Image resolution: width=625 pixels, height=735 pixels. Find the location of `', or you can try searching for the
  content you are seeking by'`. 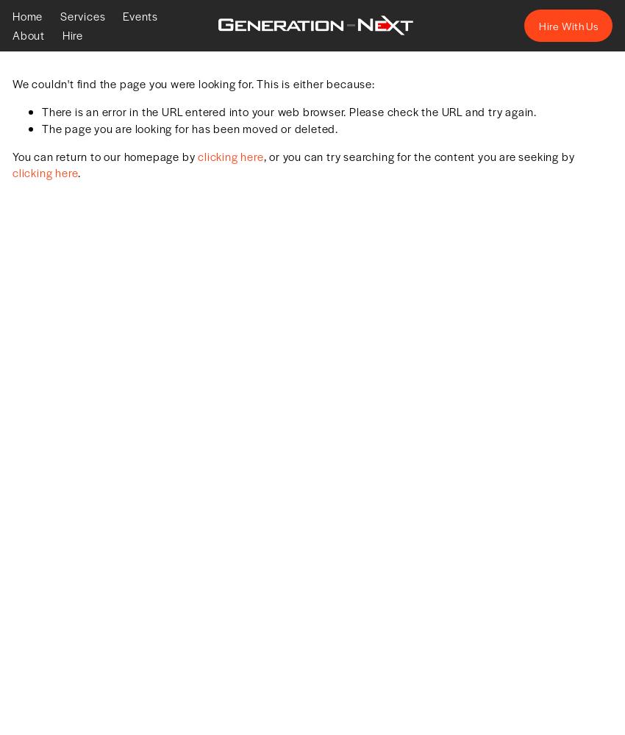

', or you can try searching for the
  content you are seeking by' is located at coordinates (418, 155).